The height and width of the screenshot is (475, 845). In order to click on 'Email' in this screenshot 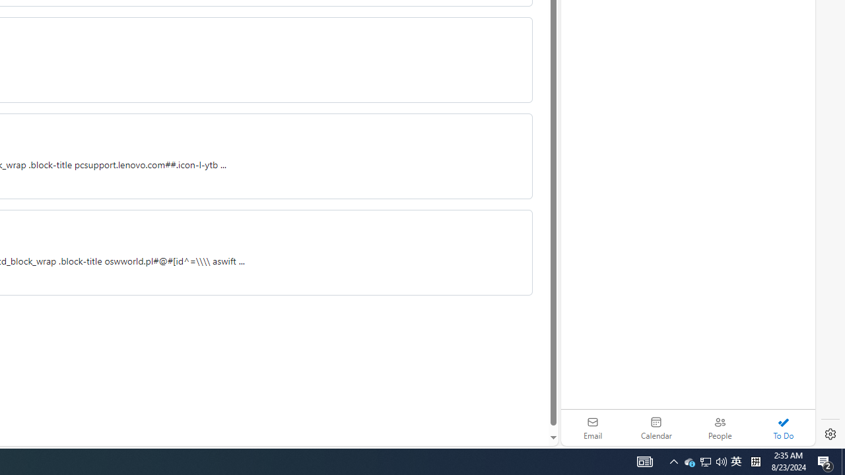, I will do `click(592, 427)`.